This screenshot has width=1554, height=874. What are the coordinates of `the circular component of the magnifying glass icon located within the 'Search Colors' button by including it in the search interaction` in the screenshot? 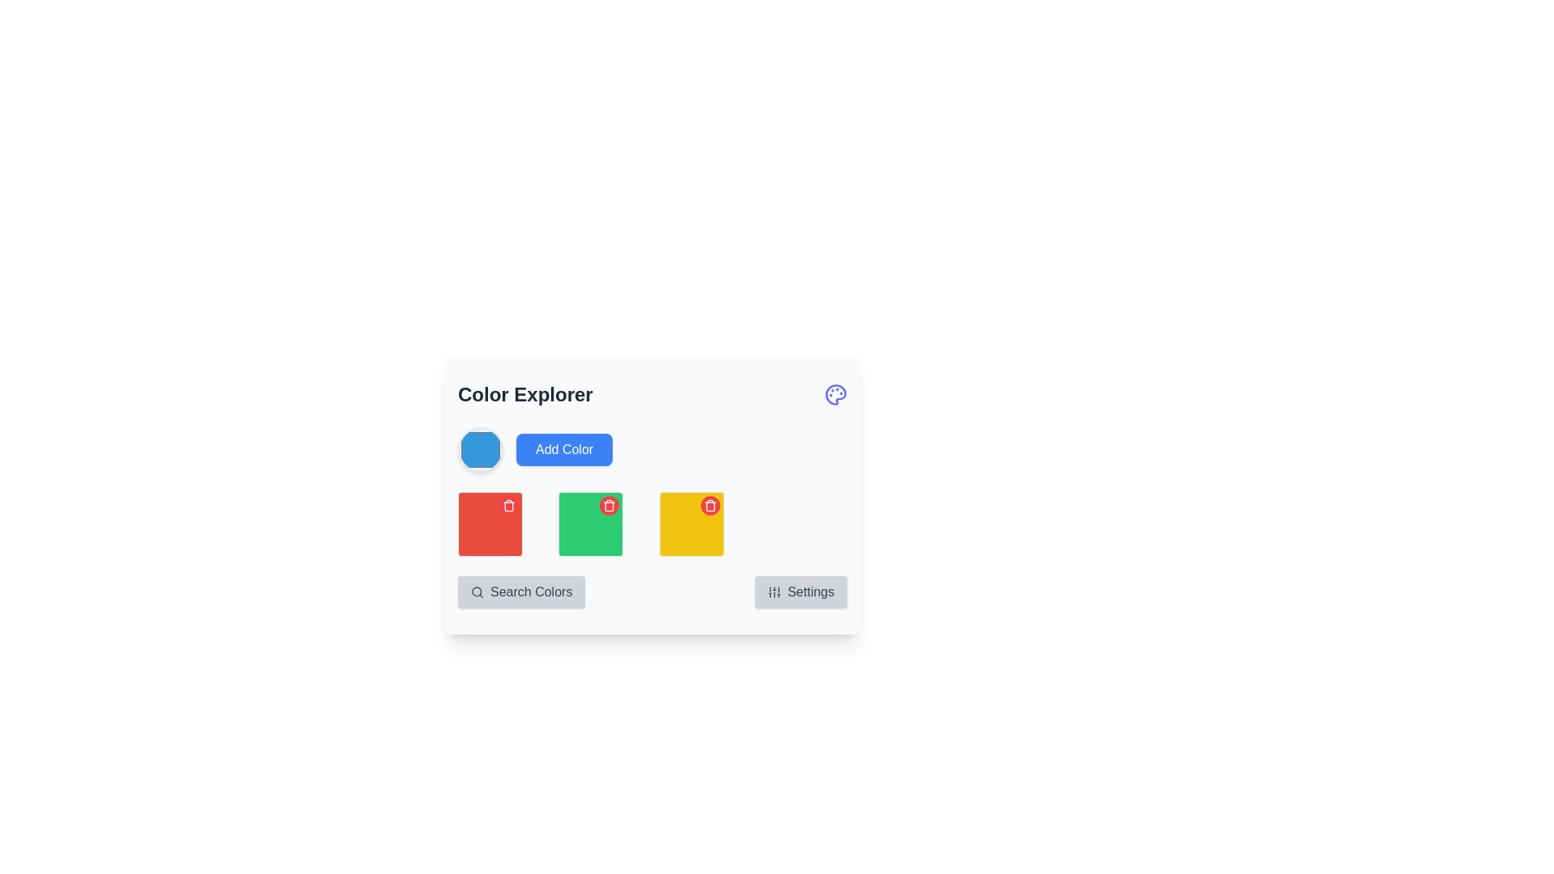 It's located at (476, 592).